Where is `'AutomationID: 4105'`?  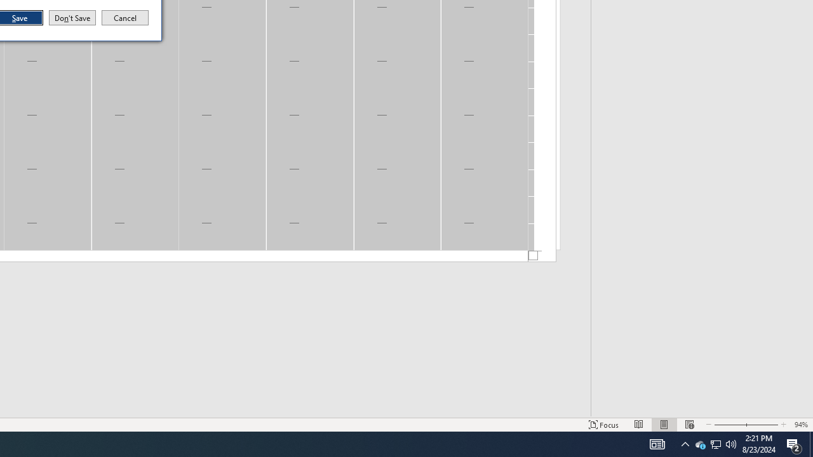
'AutomationID: 4105' is located at coordinates (639, 425).